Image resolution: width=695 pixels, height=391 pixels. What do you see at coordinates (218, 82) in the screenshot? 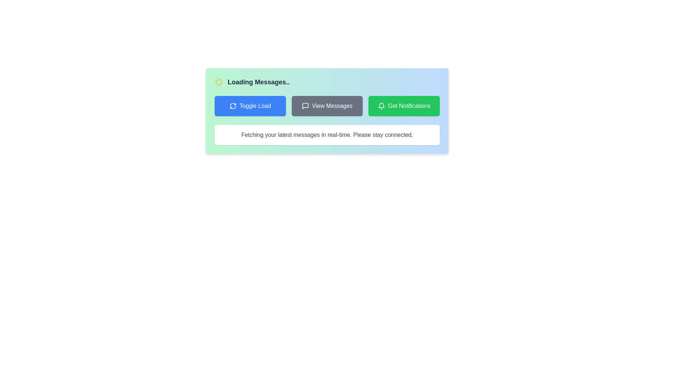
I see `the animated loading spinner icon located to the left of the 'Loading Messages..' text in the header section` at bounding box center [218, 82].